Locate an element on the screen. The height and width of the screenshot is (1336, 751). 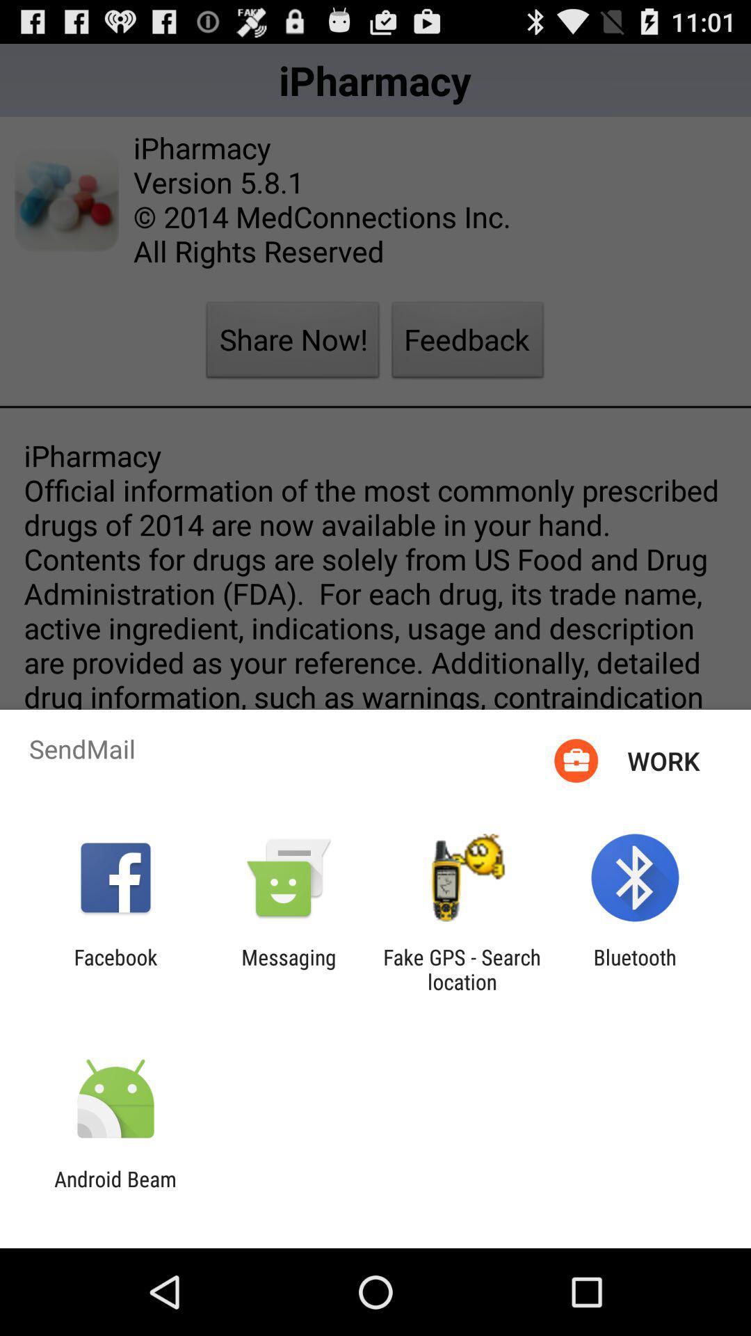
app next to the fake gps search icon is located at coordinates (635, 969).